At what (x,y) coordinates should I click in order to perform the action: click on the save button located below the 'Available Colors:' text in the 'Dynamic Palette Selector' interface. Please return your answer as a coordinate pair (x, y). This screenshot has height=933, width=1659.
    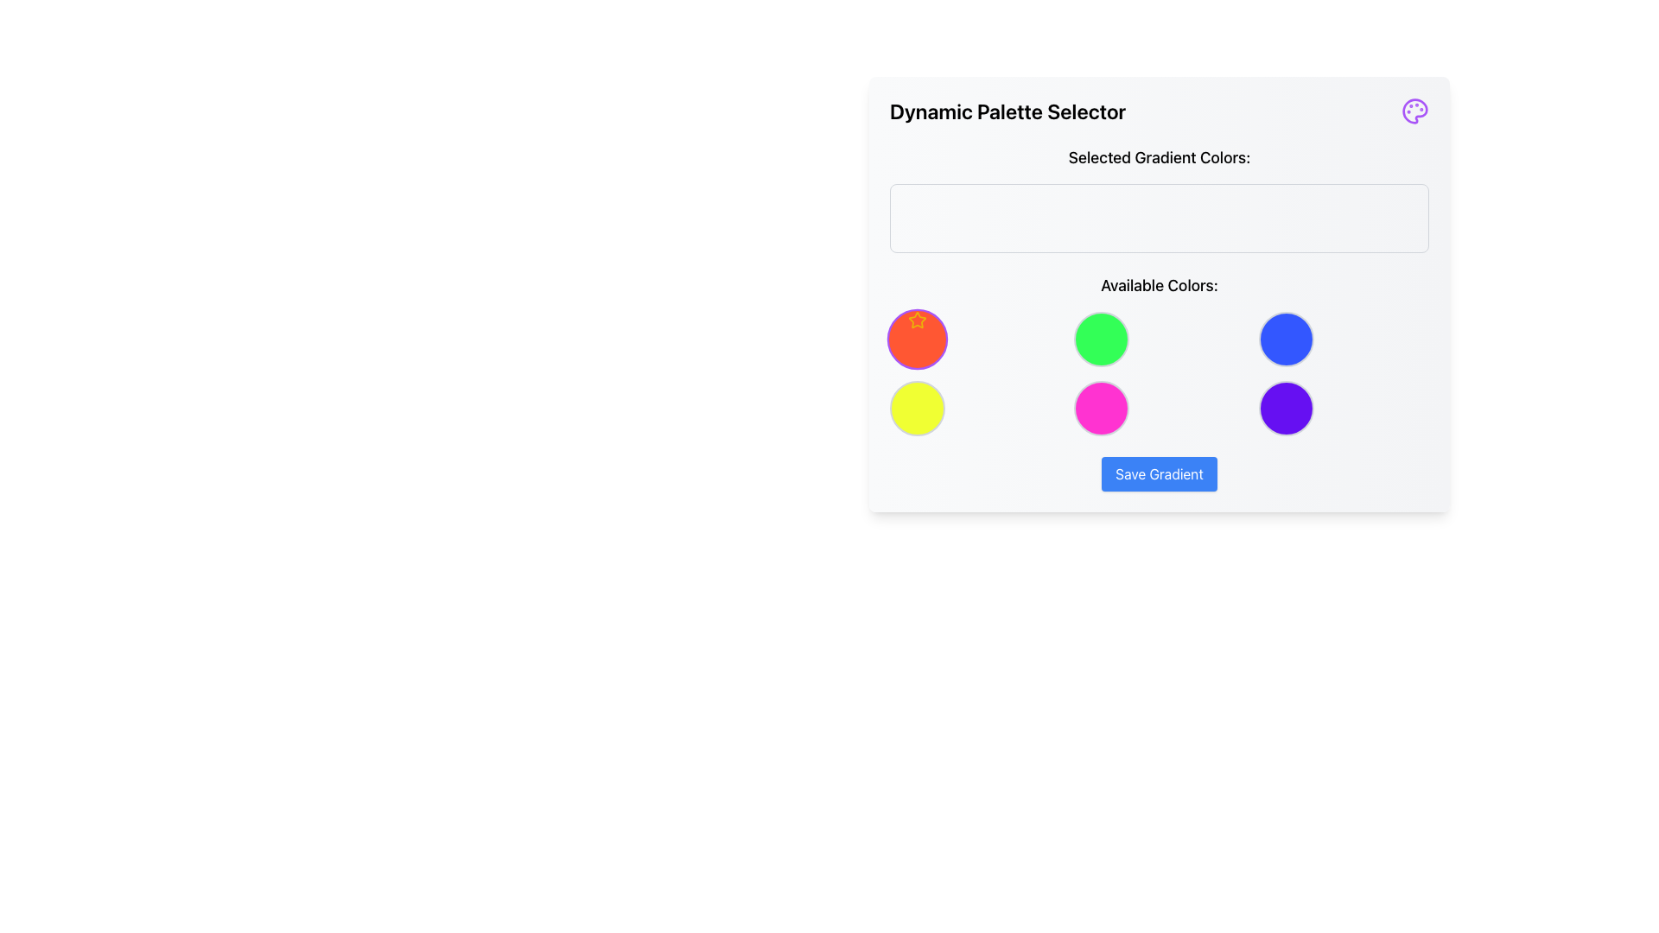
    Looking at the image, I should click on (1160, 473).